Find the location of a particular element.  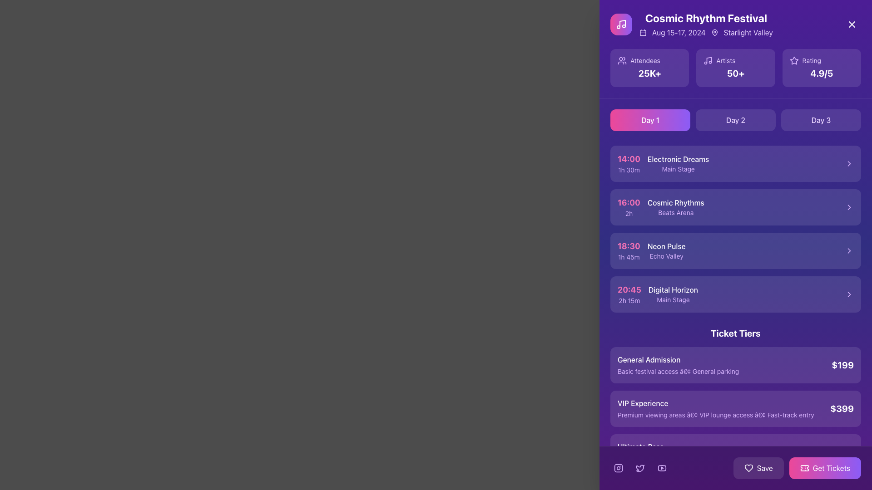

the rightmost icon associated with the '16:00 Cosmic Rhythms Beats Arena' event is located at coordinates (849, 207).